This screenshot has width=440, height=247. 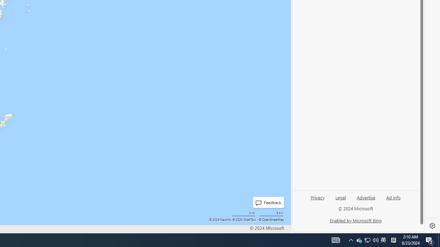 What do you see at coordinates (341, 197) in the screenshot?
I see `'Legal'` at bounding box center [341, 197].